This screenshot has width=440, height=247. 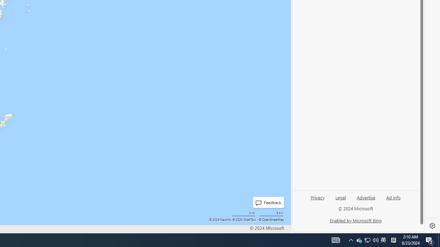 What do you see at coordinates (341, 197) in the screenshot?
I see `'Legal'` at bounding box center [341, 197].